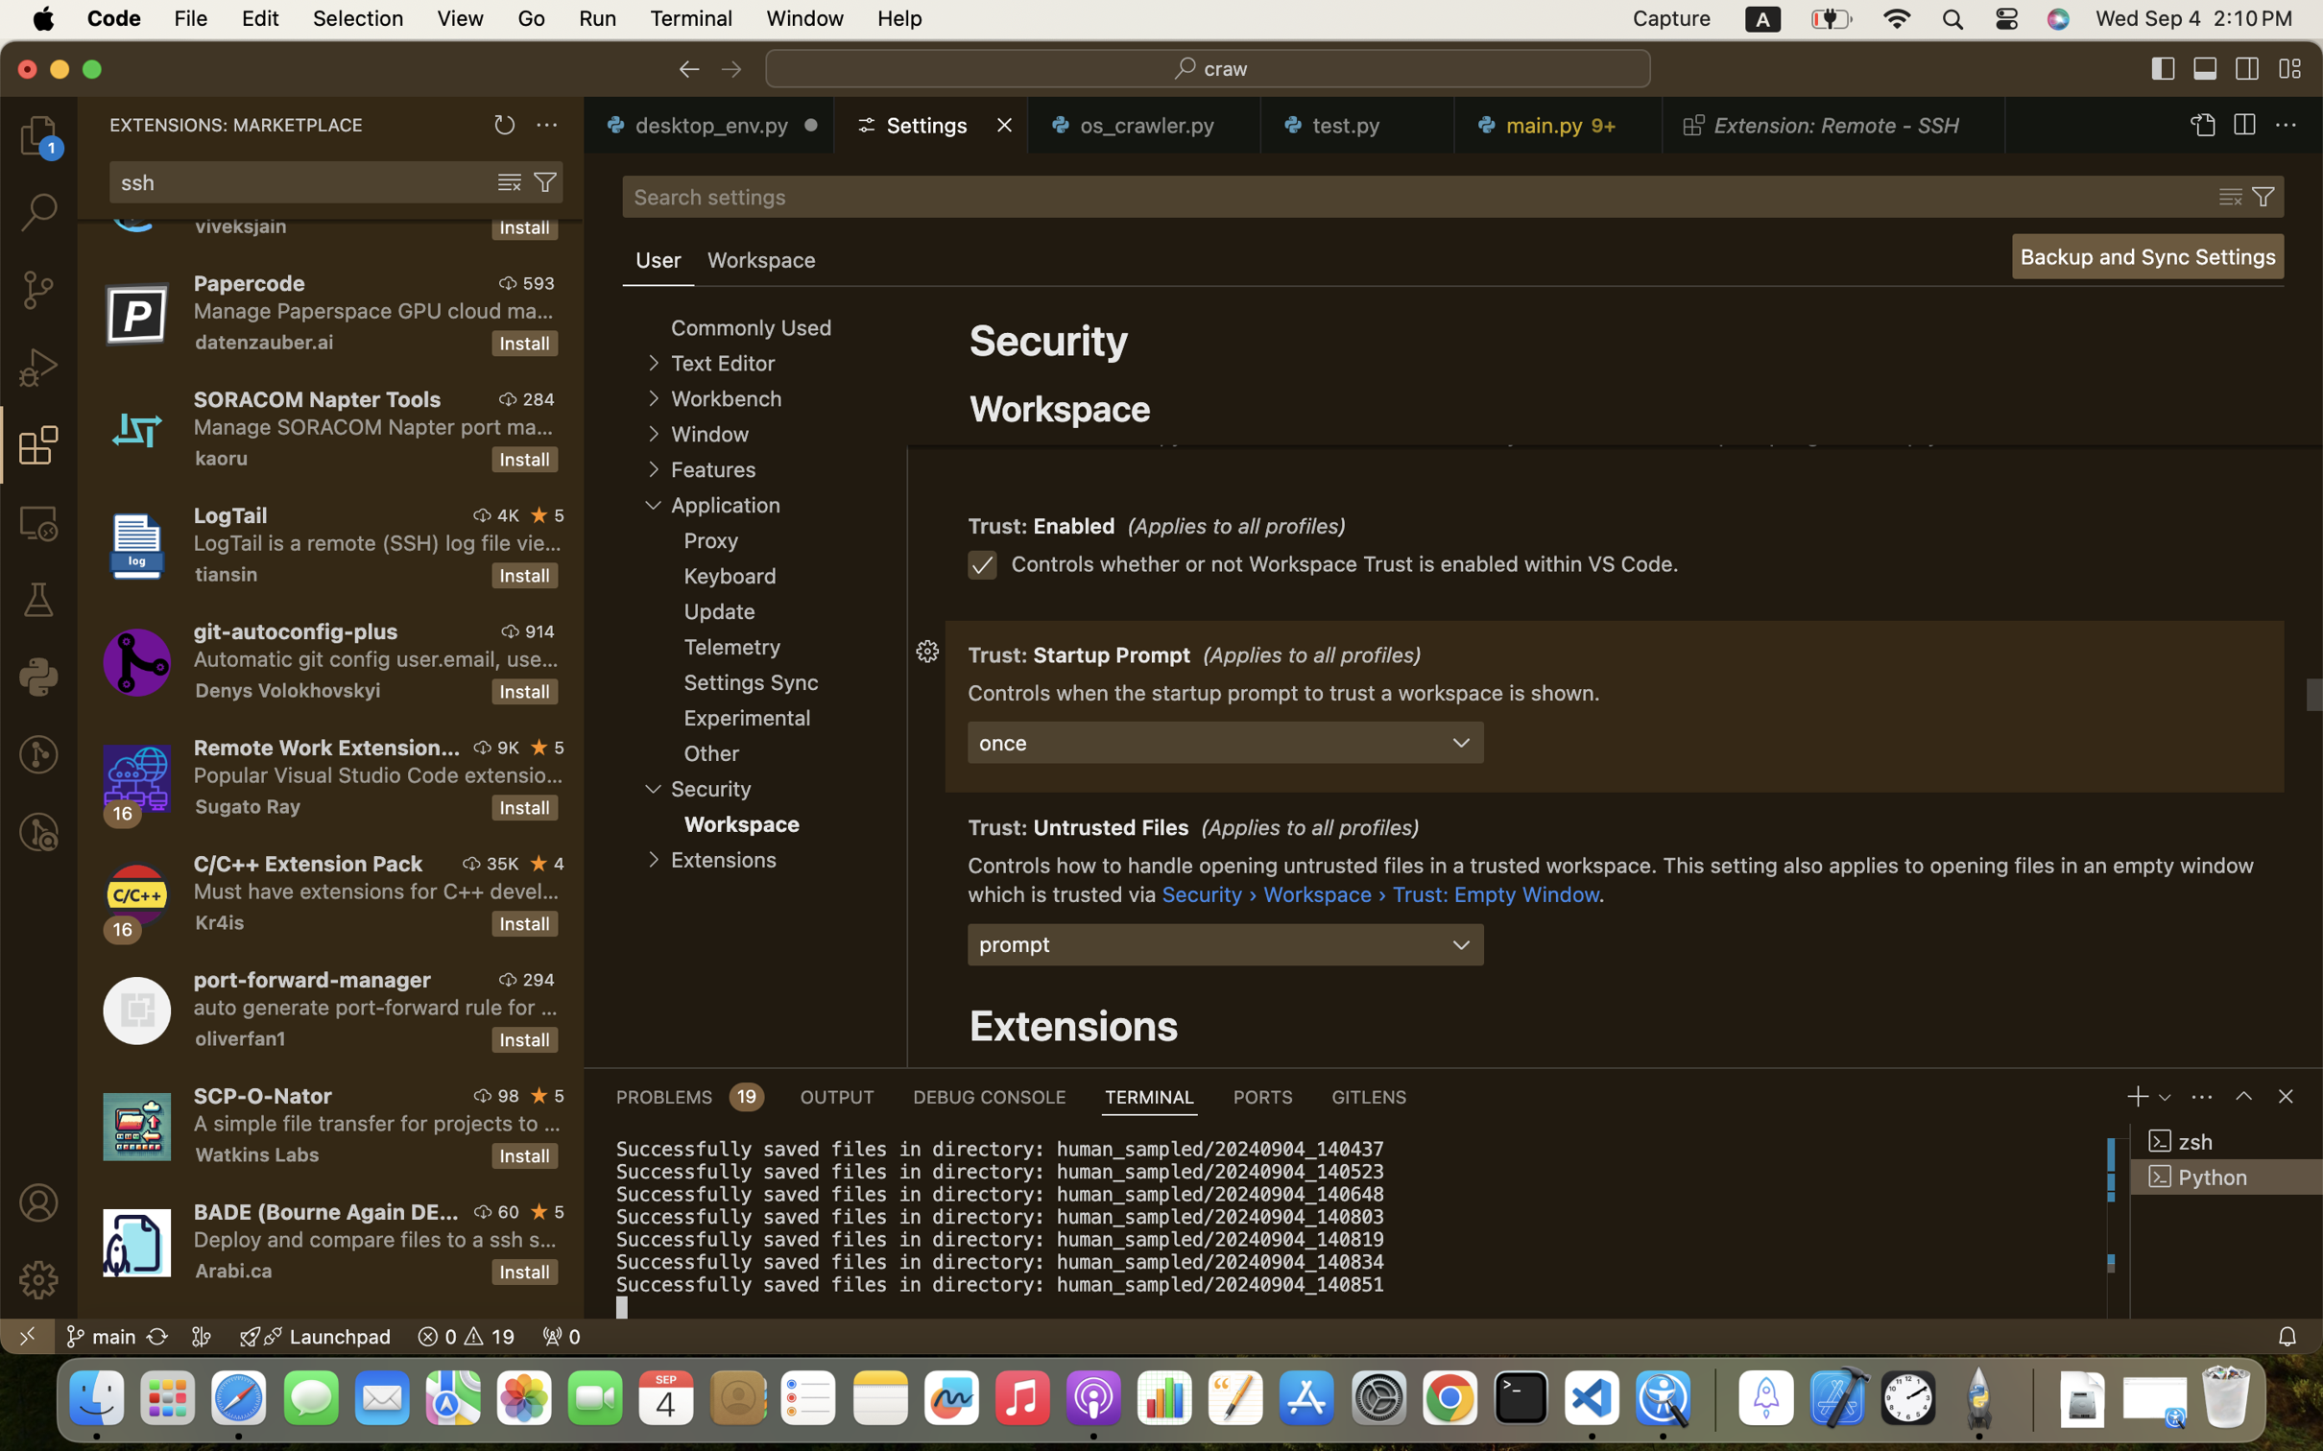 The width and height of the screenshot is (2323, 1451). Describe the element at coordinates (508, 182) in the screenshot. I see `''` at that location.